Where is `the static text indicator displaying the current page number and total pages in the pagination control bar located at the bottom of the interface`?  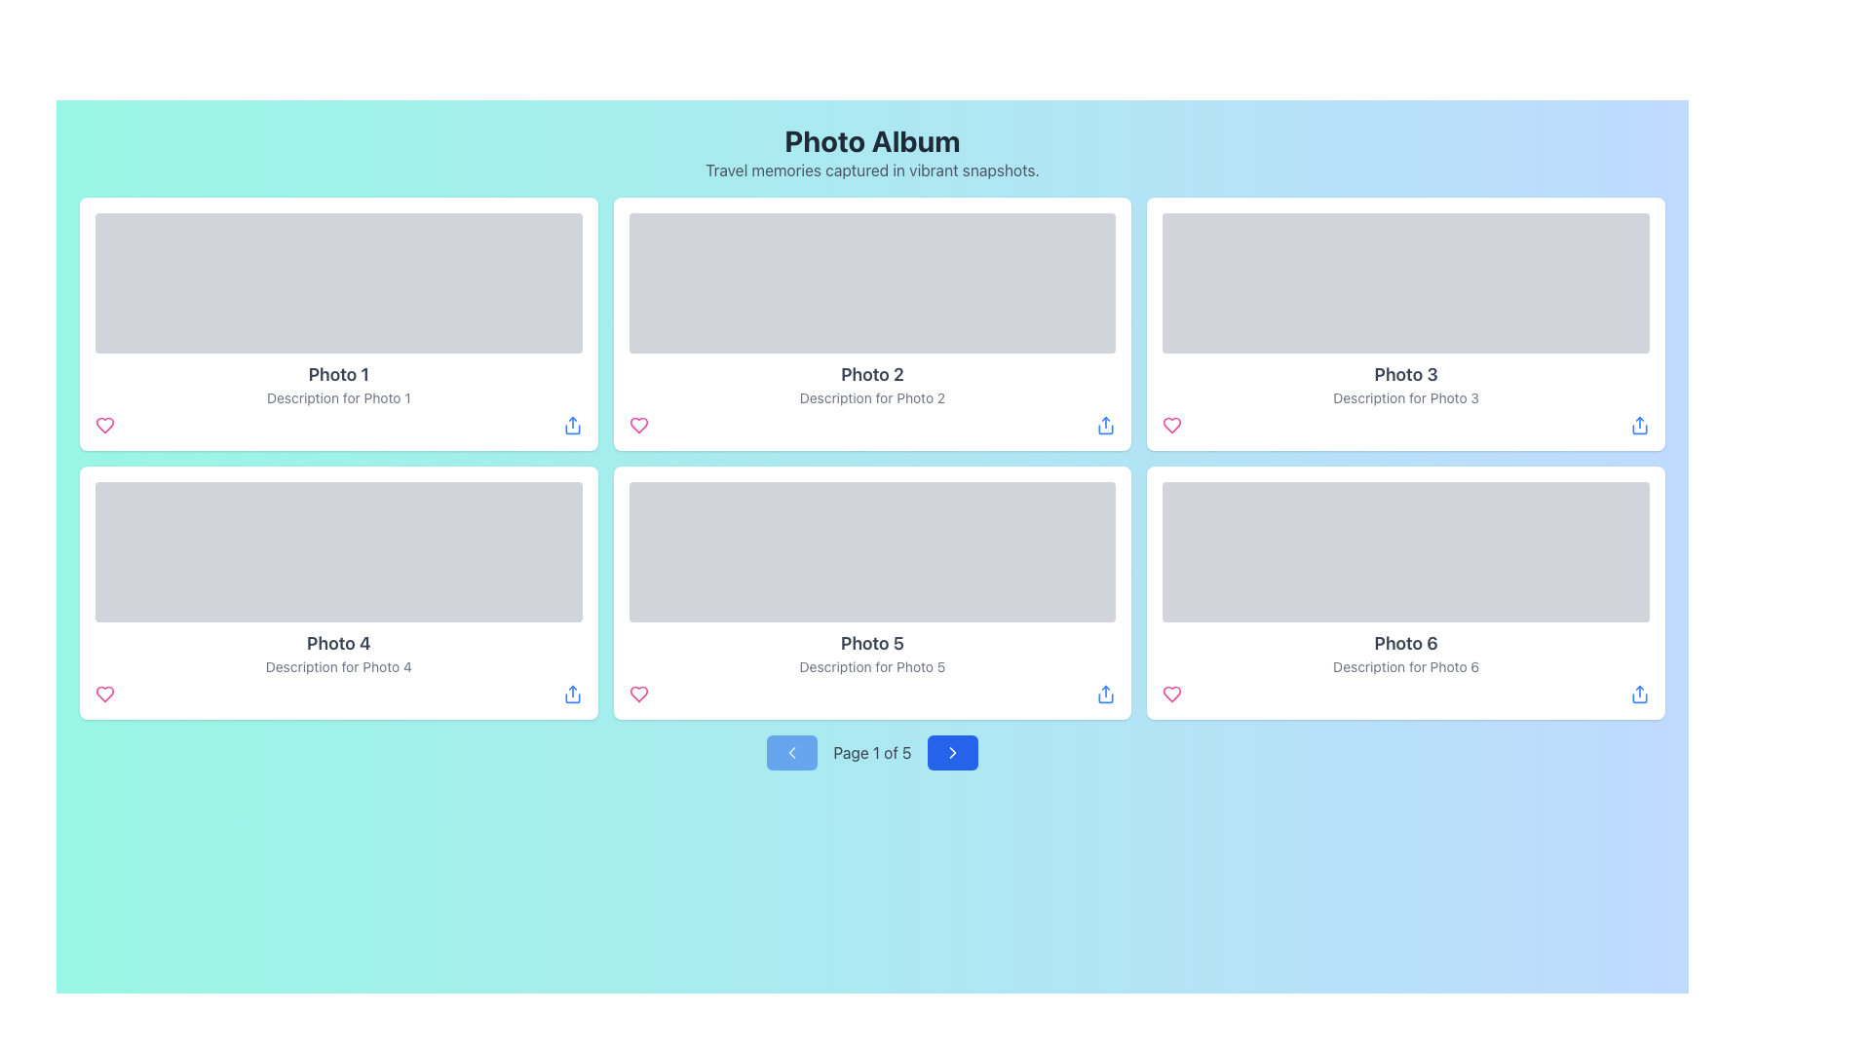 the static text indicator displaying the current page number and total pages in the pagination control bar located at the bottom of the interface is located at coordinates (871, 751).